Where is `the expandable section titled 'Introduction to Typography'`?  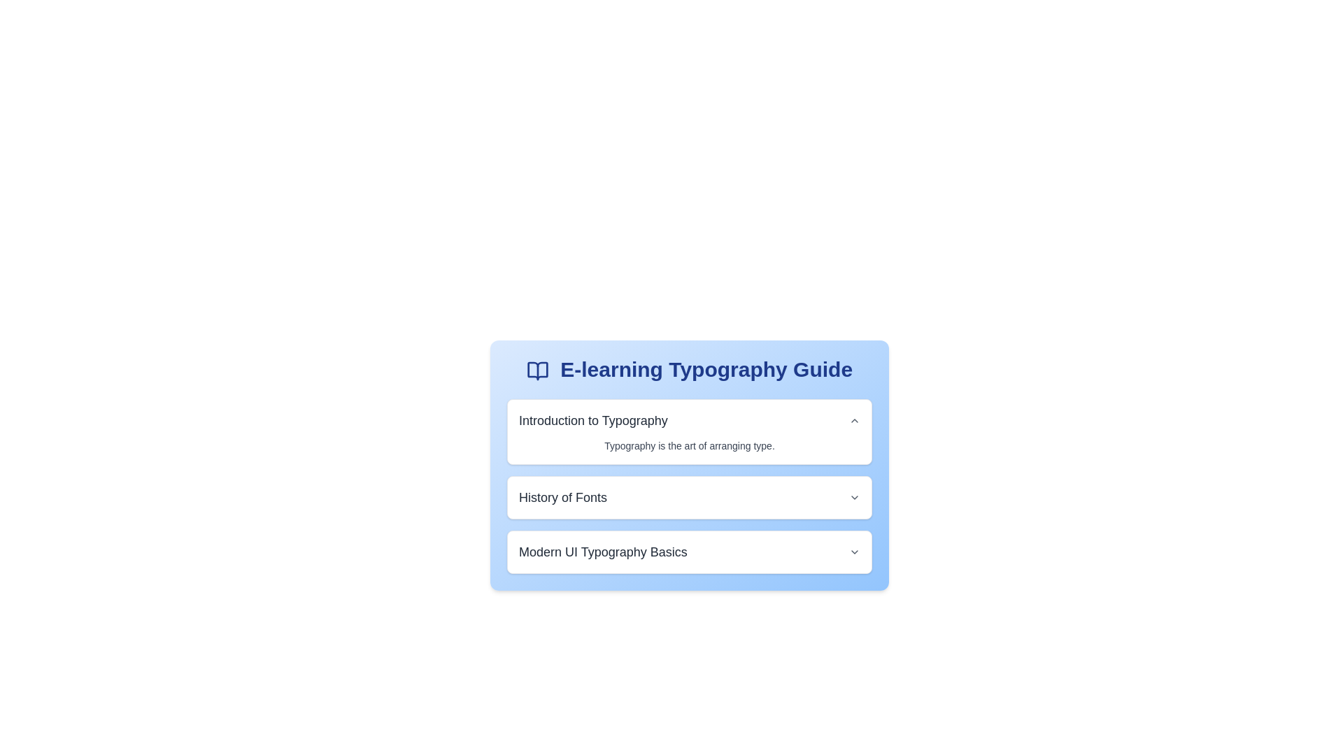
the expandable section titled 'Introduction to Typography' is located at coordinates (689, 431).